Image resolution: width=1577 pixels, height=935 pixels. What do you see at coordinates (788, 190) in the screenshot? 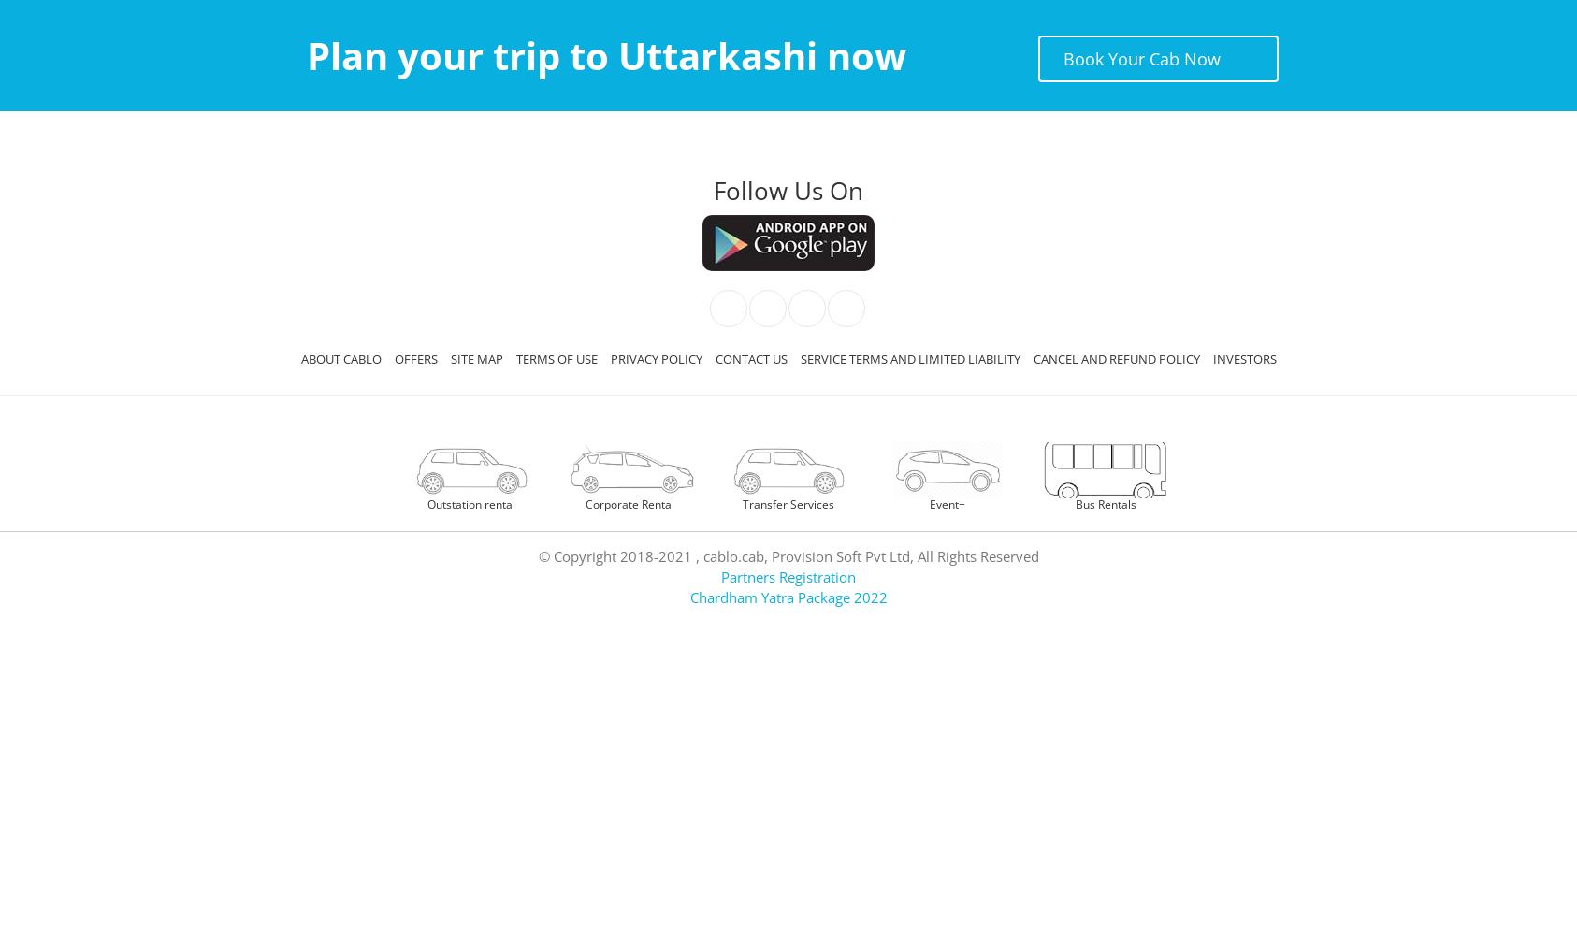
I see `'Follow Us On'` at bounding box center [788, 190].